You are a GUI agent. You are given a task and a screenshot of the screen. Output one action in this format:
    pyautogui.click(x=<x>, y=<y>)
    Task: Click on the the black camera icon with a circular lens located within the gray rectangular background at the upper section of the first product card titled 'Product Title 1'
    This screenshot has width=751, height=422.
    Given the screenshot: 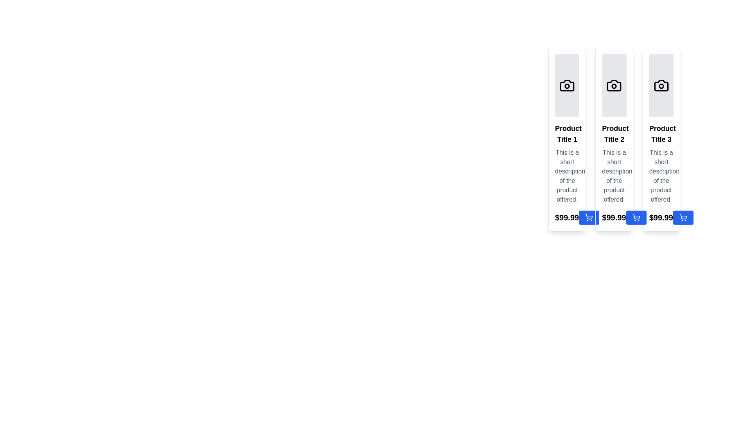 What is the action you would take?
    pyautogui.click(x=567, y=86)
    